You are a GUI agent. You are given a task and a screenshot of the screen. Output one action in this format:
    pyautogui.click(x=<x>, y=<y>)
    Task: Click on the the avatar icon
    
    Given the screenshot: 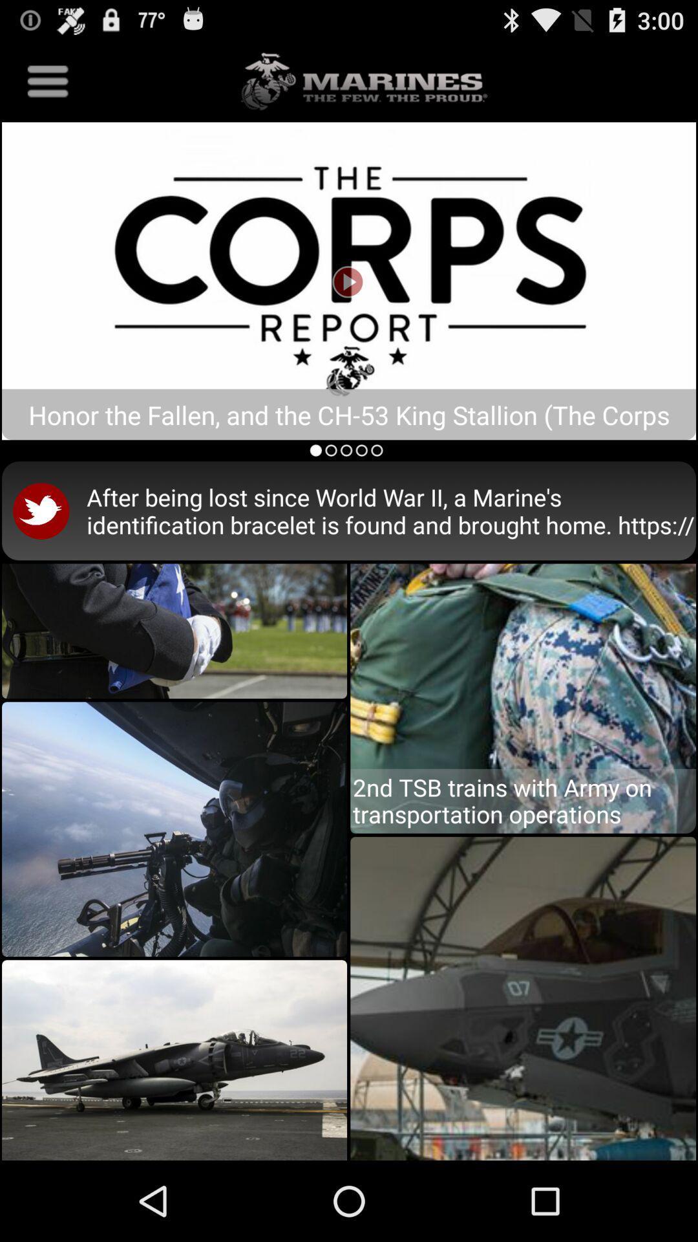 What is the action you would take?
    pyautogui.click(x=117, y=232)
    